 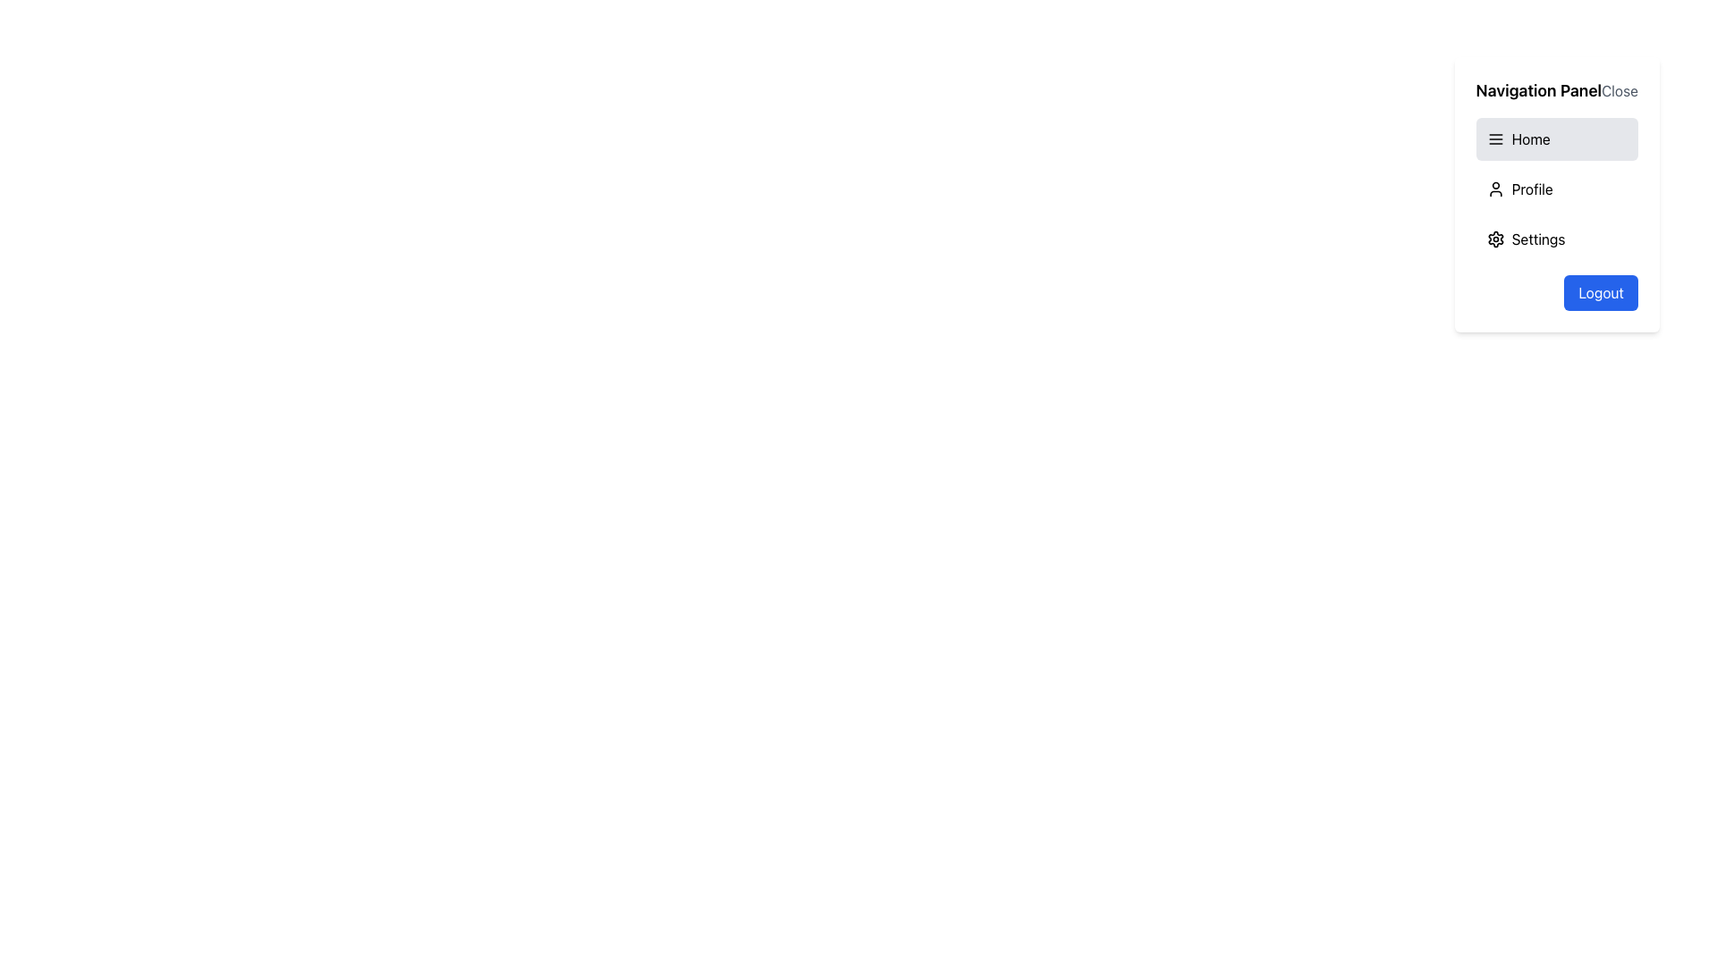 What do you see at coordinates (1556, 238) in the screenshot?
I see `the navigation option labeled 'Settings' with an accompanying icon` at bounding box center [1556, 238].